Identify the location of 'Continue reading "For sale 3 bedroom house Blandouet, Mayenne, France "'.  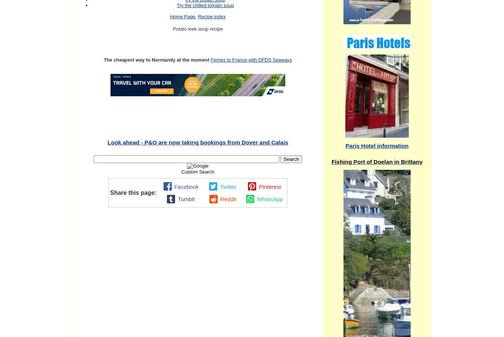
(197, 124).